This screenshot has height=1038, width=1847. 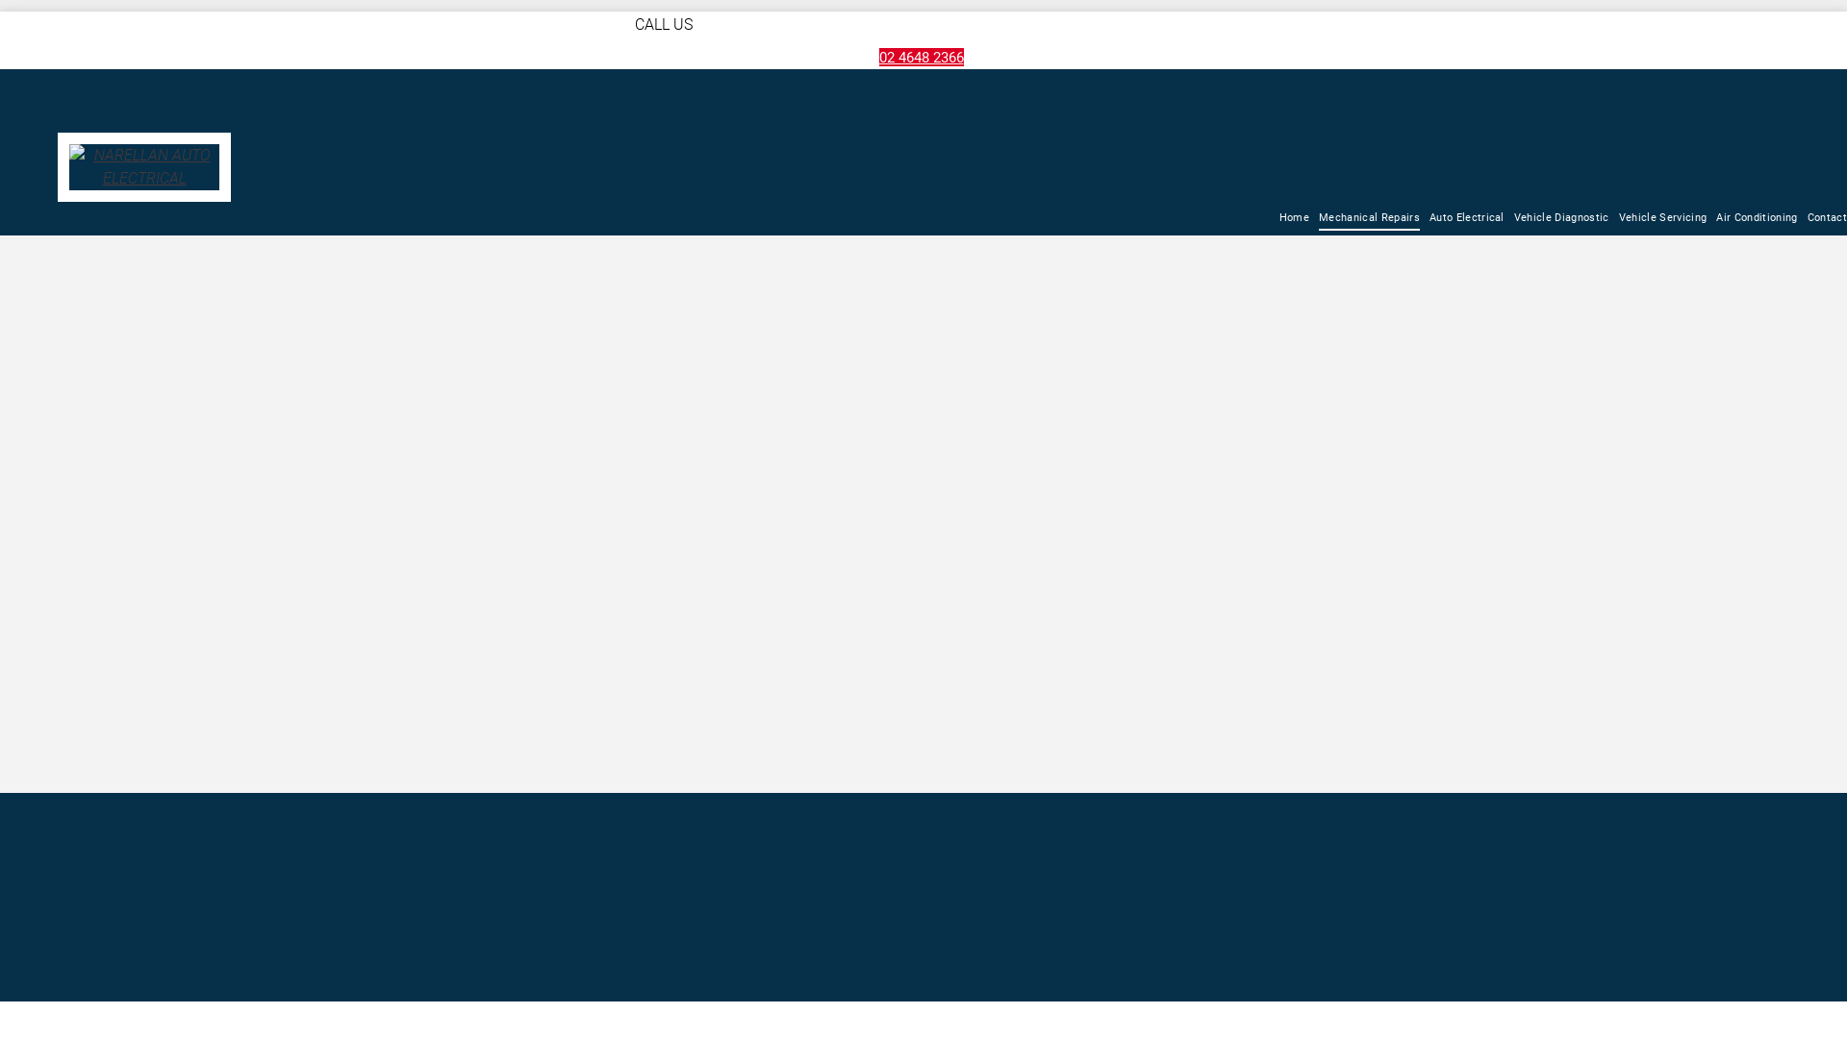 What do you see at coordinates (1278, 217) in the screenshot?
I see `'Home'` at bounding box center [1278, 217].